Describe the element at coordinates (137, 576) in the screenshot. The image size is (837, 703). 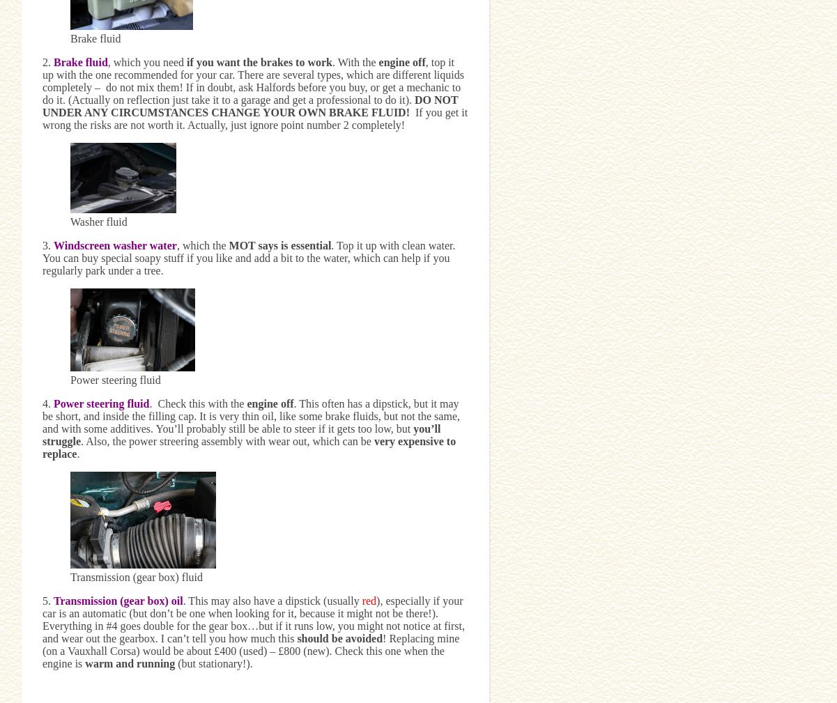
I see `'Transmission (gear box) fluid'` at that location.